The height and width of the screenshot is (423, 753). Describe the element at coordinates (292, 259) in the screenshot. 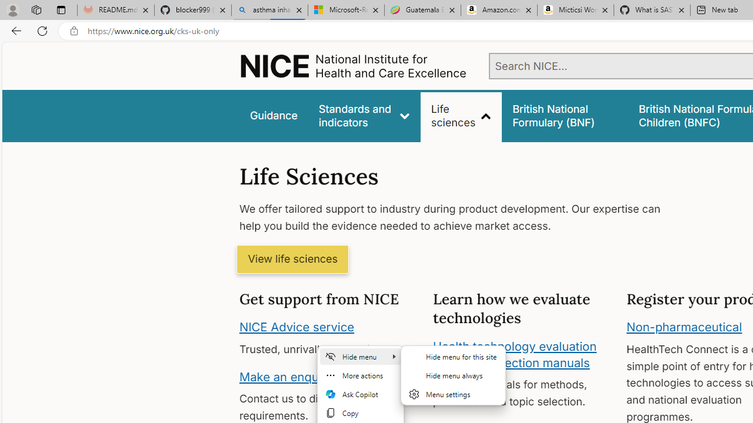

I see `'View life sciences'` at that location.